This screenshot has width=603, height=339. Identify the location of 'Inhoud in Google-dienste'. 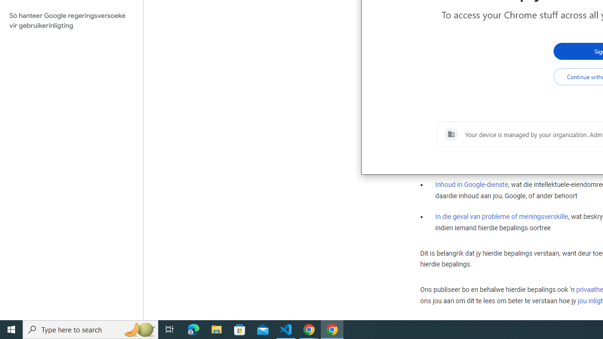
(472, 185).